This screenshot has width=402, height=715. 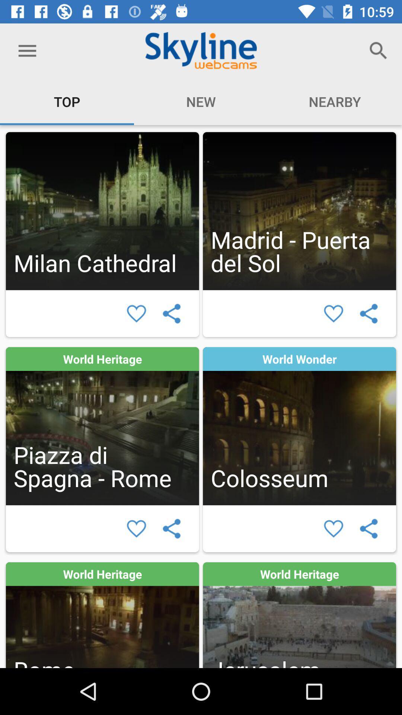 I want to click on the webcam in rome, so click(x=102, y=615).